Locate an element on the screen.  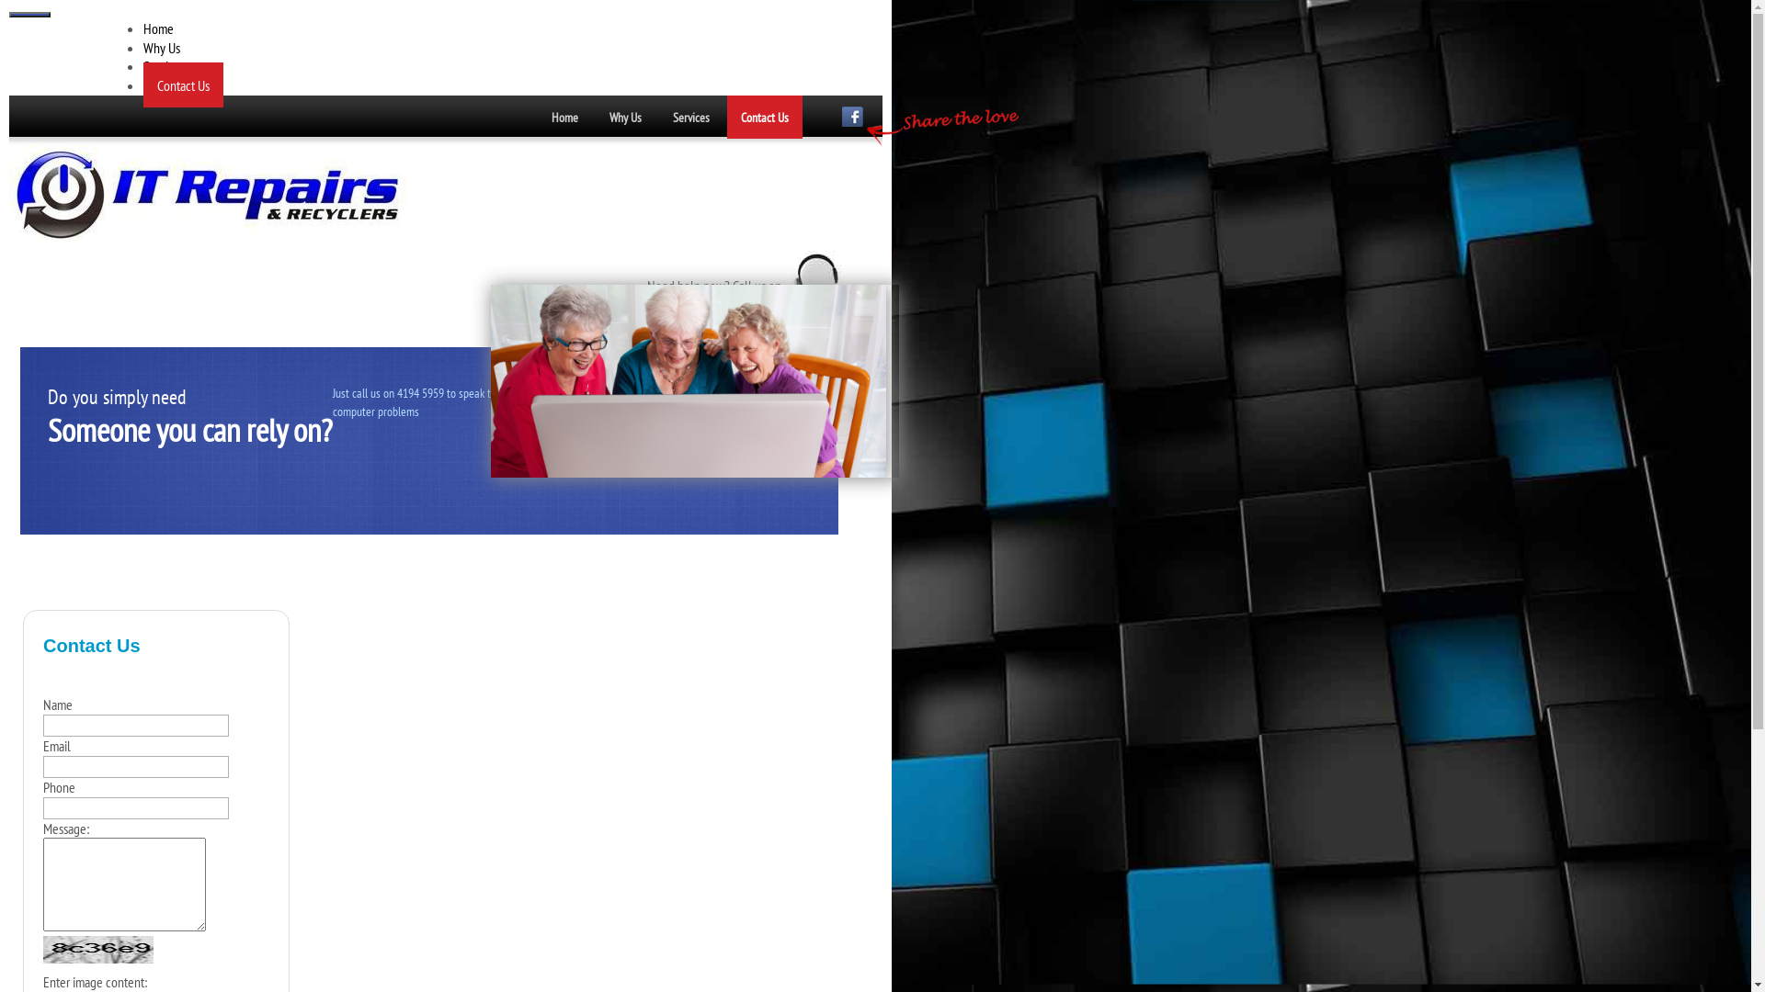
'Why Us' is located at coordinates (625, 117).